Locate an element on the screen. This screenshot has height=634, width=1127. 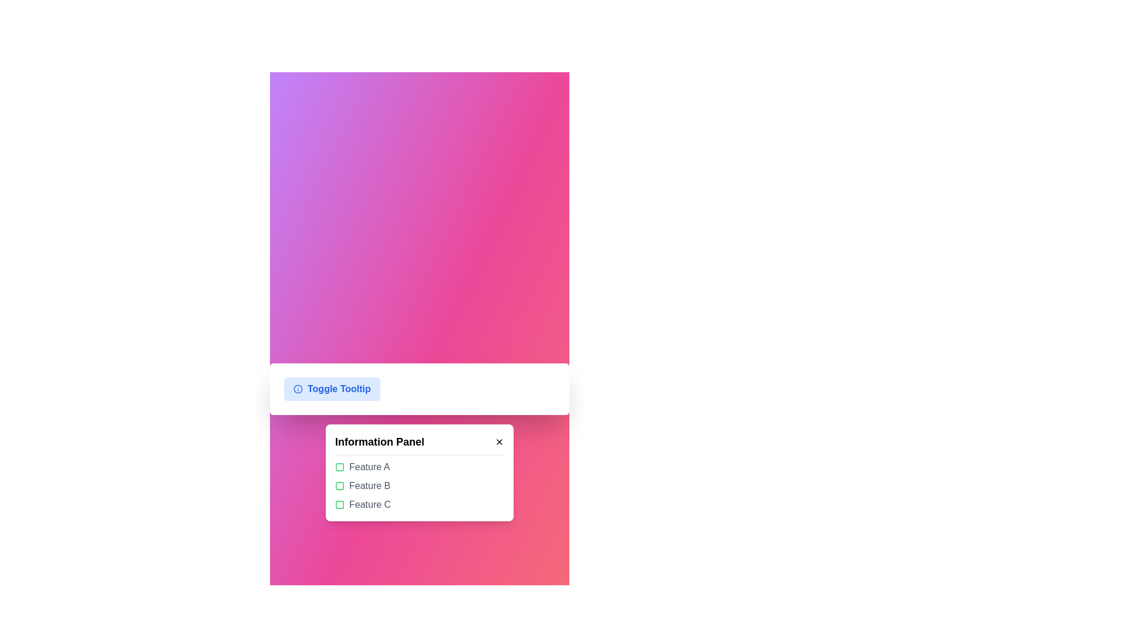
the text label that serves as an identifier for the associated checkbox in the Information Panel, positioned as the first item in the list is located at coordinates (369, 466).